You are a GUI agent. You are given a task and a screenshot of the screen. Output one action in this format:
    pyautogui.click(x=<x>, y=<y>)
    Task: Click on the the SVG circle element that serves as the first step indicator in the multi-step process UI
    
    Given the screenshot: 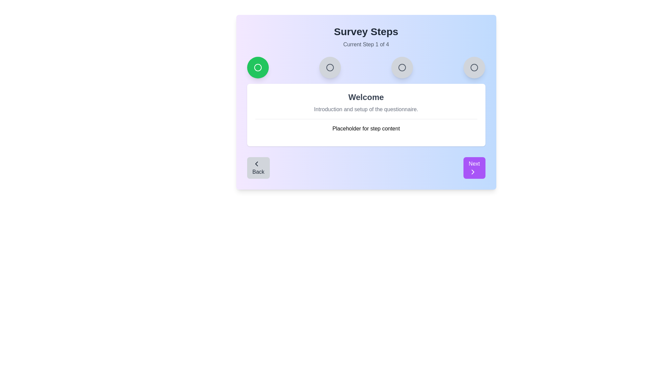 What is the action you would take?
    pyautogui.click(x=257, y=68)
    